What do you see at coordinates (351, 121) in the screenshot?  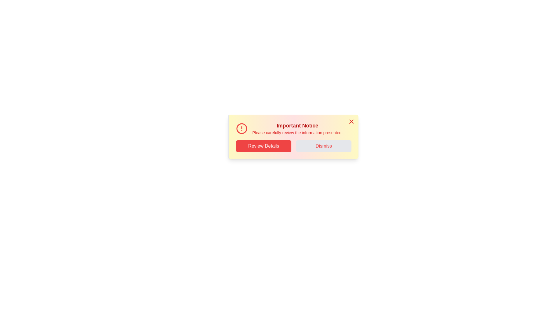 I see `the close button located at the top-right corner of the alert` at bounding box center [351, 121].